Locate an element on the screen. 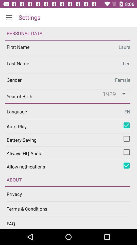 The height and width of the screenshot is (245, 137). edit last name is located at coordinates (68, 65).